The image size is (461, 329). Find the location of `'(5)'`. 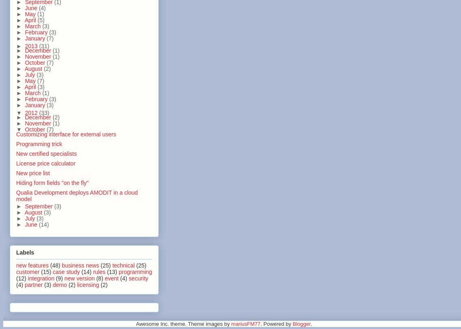

'(5)' is located at coordinates (40, 19).